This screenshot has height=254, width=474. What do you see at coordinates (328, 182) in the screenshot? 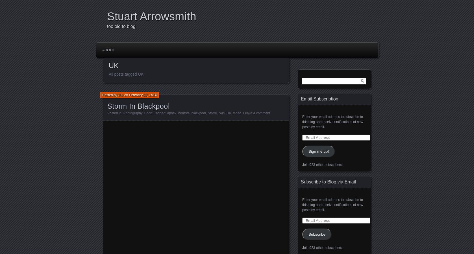
I see `'Subscribe to Blog via Email'` at bounding box center [328, 182].